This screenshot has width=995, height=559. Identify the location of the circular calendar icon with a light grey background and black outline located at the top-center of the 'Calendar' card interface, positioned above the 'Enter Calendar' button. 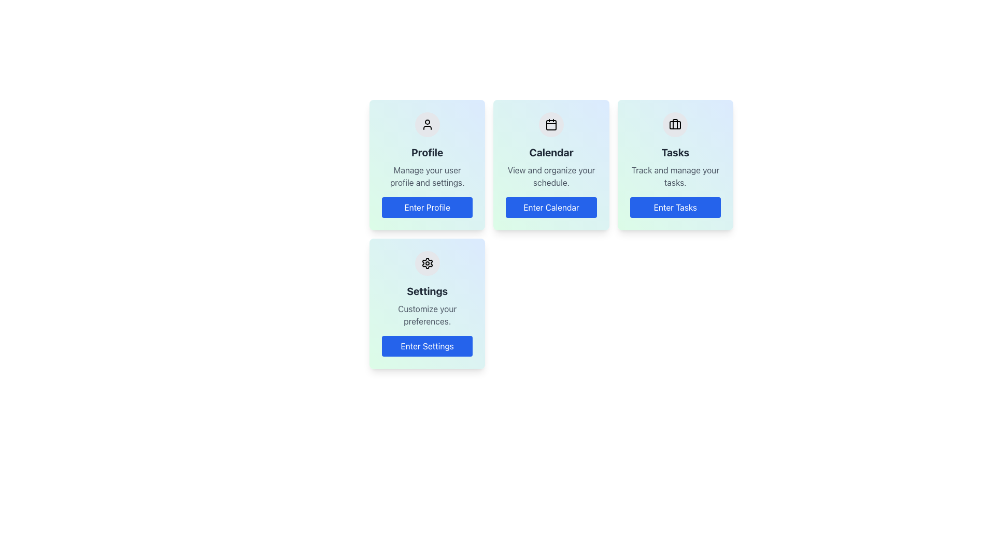
(551, 124).